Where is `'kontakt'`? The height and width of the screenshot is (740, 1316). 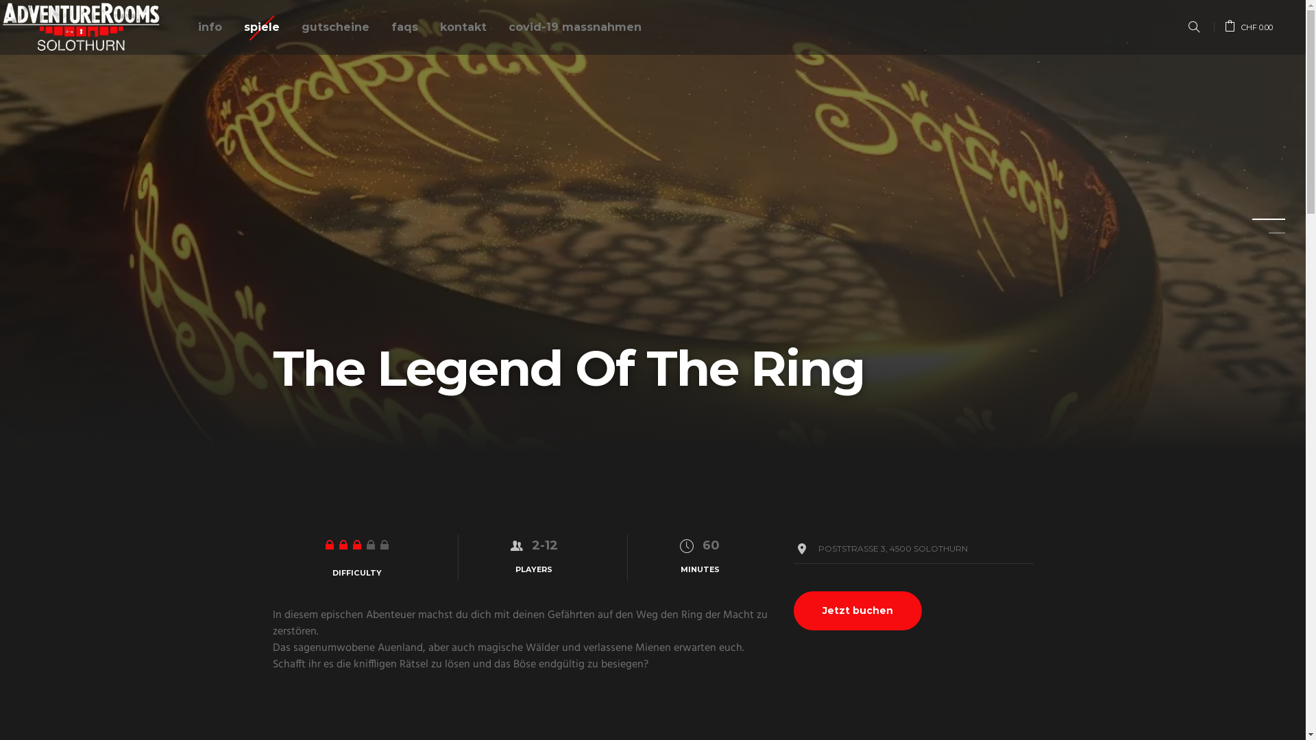 'kontakt' is located at coordinates (463, 27).